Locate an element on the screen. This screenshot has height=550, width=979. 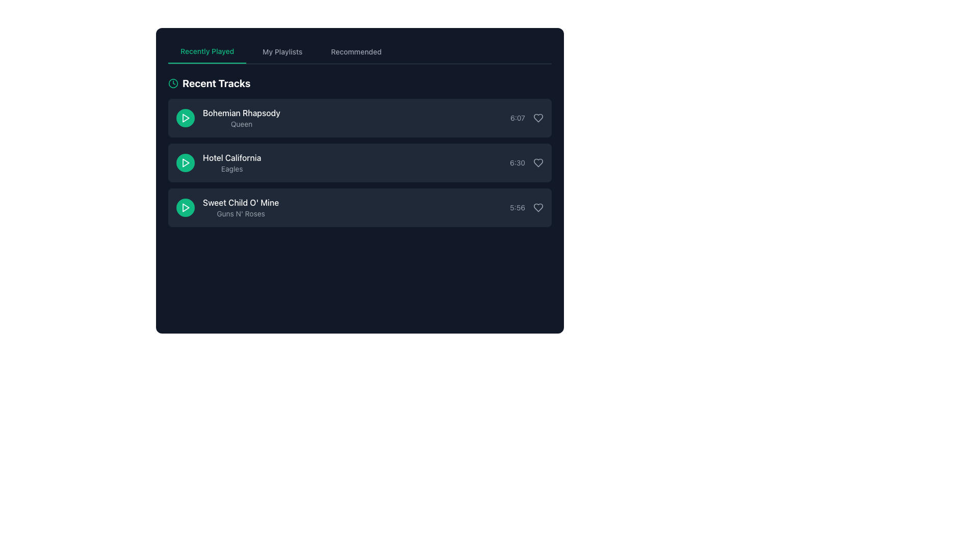
the Interactive play button icon for 'Hotel California' by 'Eagles' is located at coordinates (186, 162).